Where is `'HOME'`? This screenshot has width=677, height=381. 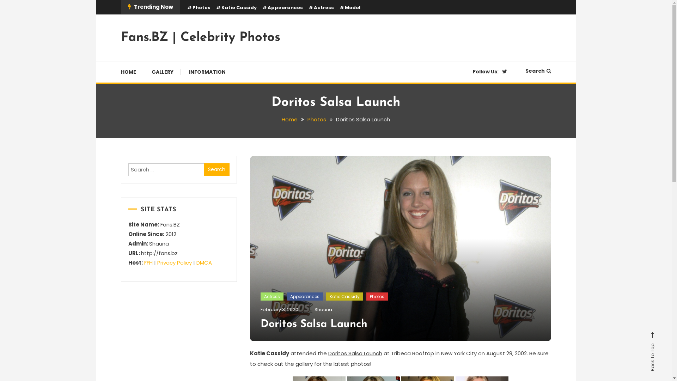 'HOME' is located at coordinates (132, 72).